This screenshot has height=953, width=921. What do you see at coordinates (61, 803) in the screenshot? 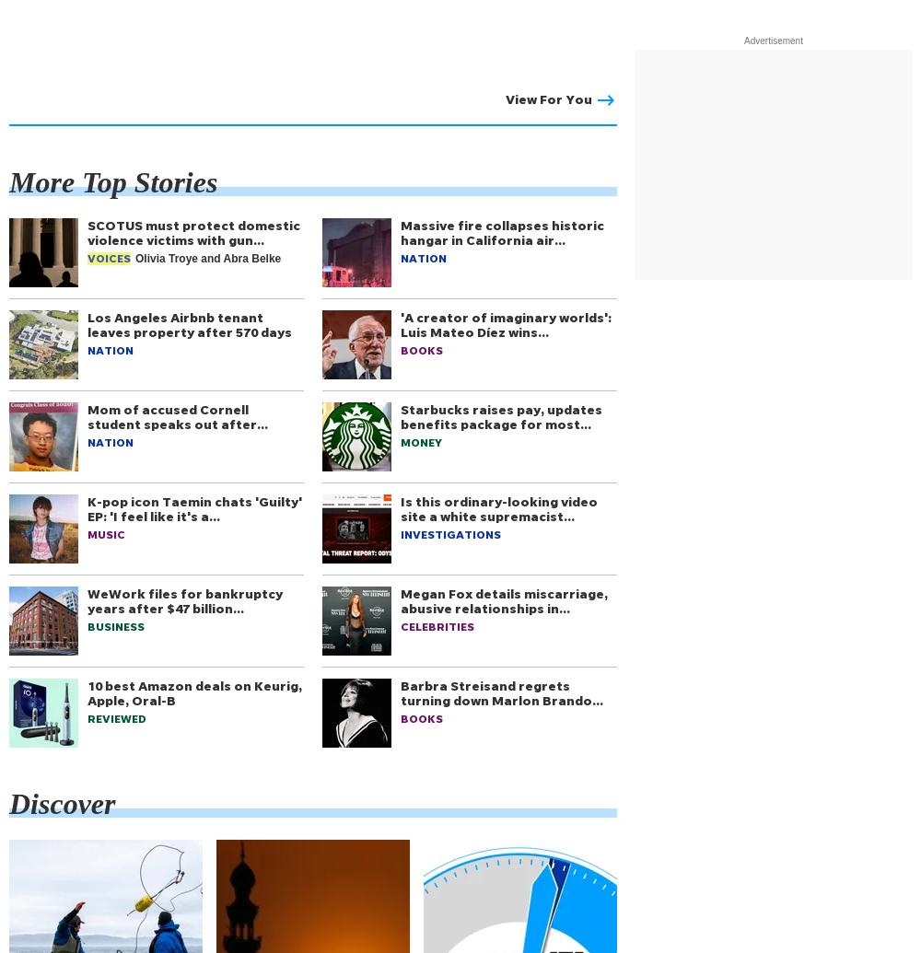
I see `'Discover'` at bounding box center [61, 803].